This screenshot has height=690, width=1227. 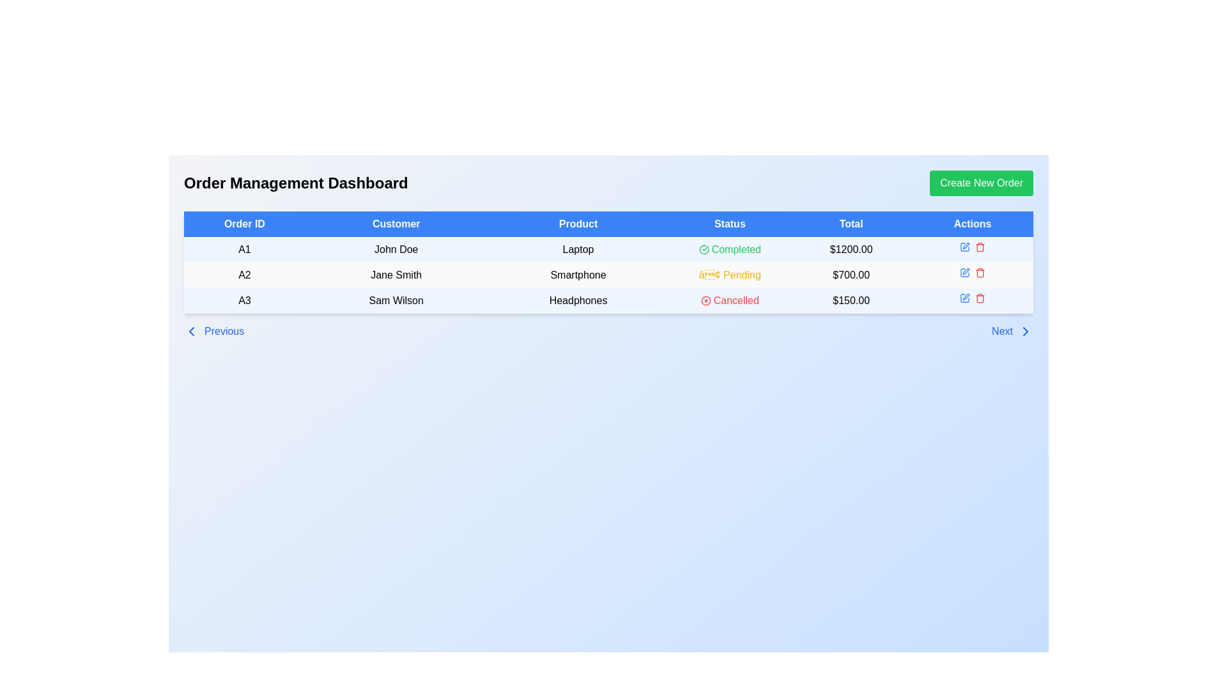 What do you see at coordinates (851, 300) in the screenshot?
I see `the text label displaying the amount "$150.00" in the "Total" column of the third row corresponding to "A3, Sam Wilson, Headphones"` at bounding box center [851, 300].